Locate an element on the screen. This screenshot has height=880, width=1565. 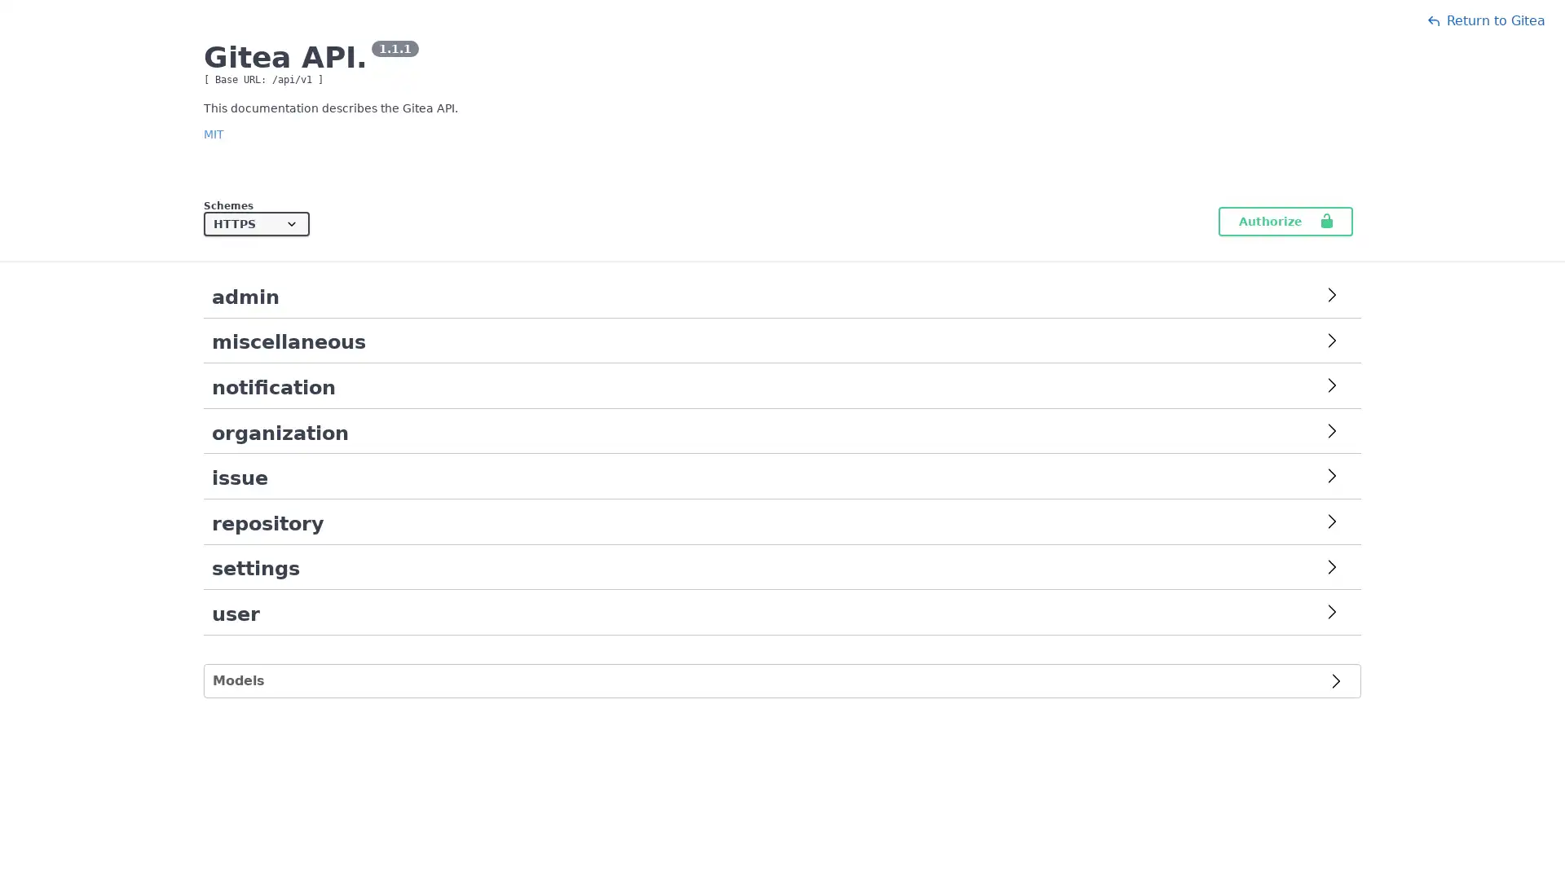
Expand operation is located at coordinates (1331, 341).